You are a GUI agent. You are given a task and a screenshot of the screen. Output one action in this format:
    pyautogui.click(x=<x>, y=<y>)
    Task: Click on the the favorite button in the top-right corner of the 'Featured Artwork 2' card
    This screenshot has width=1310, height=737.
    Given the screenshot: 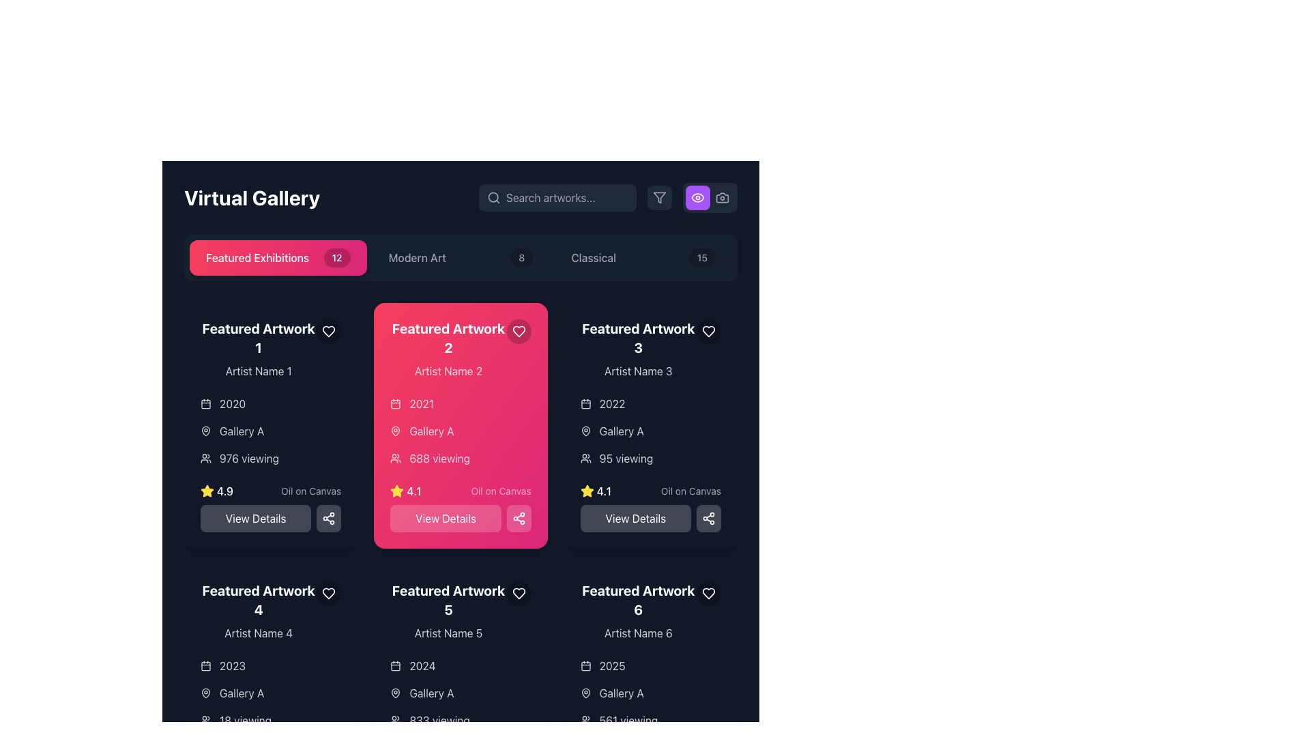 What is the action you would take?
    pyautogui.click(x=518, y=332)
    